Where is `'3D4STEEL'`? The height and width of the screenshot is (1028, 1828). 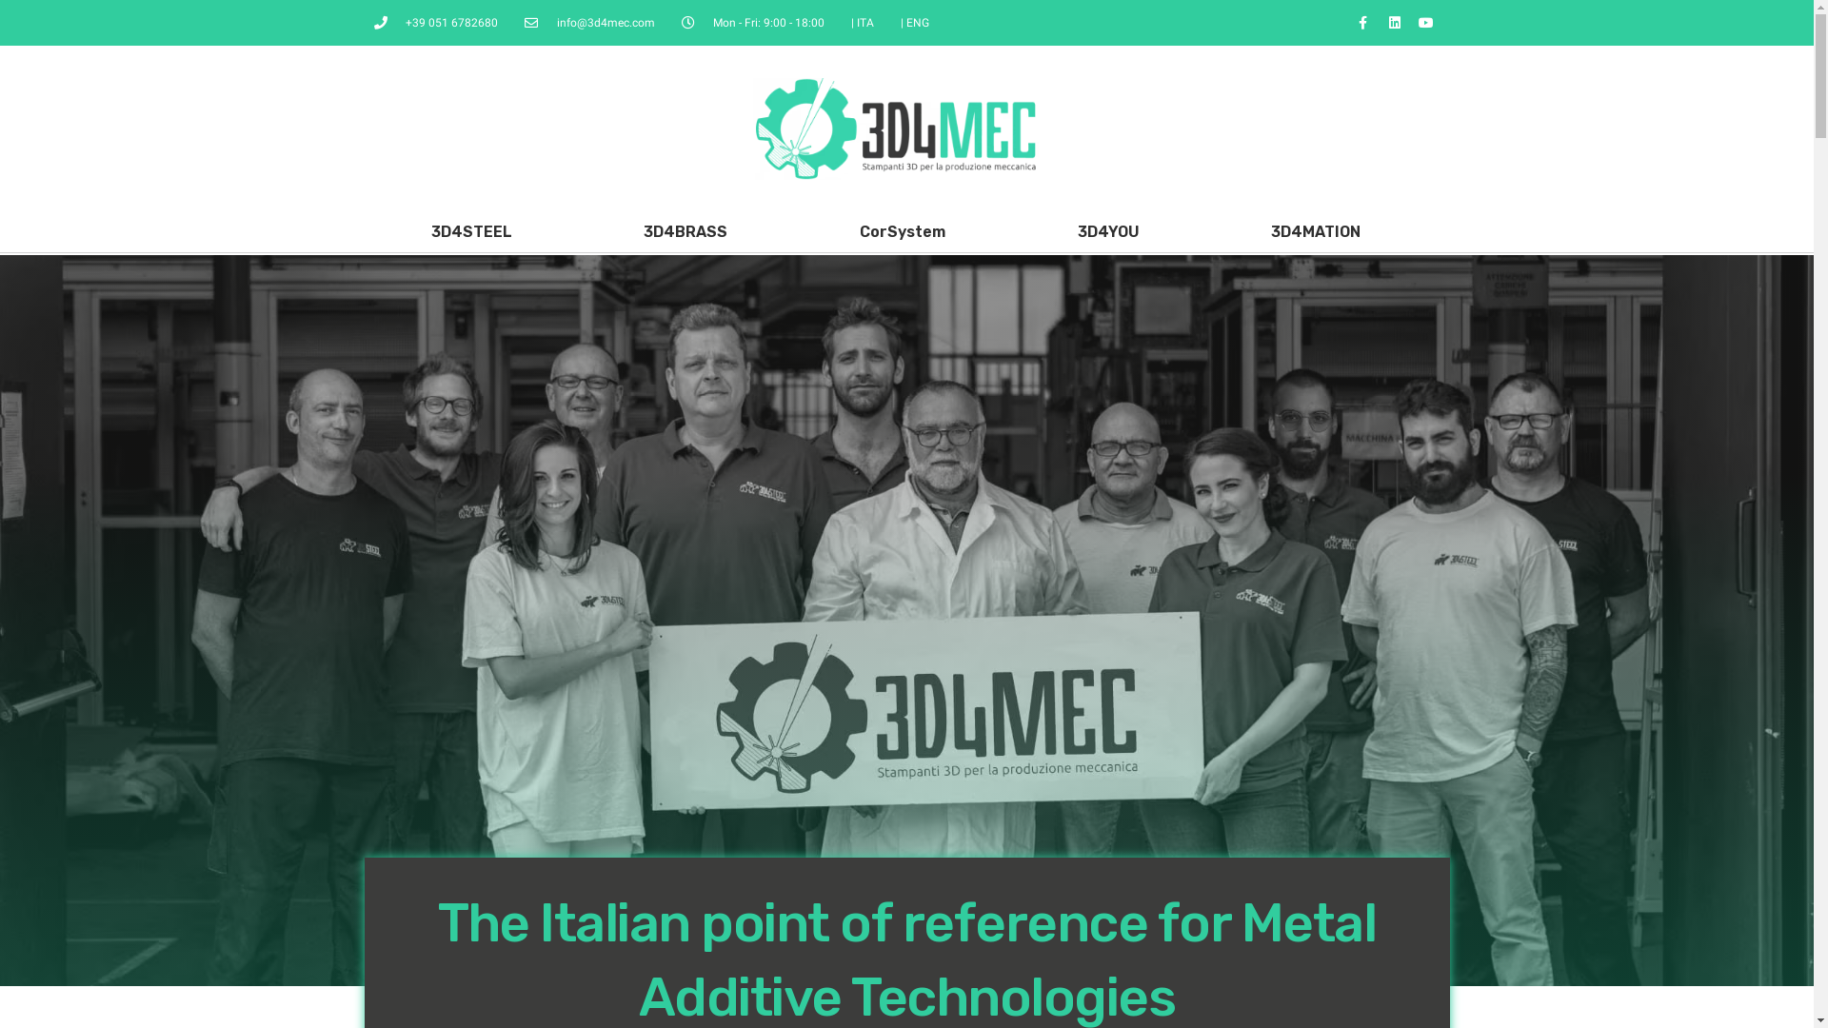
'3D4STEEL' is located at coordinates (471, 230).